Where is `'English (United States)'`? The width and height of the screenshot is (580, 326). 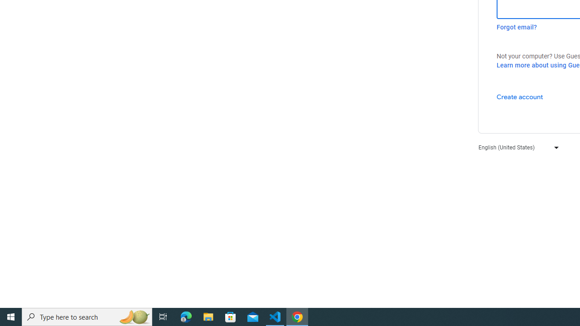
'English (United States)' is located at coordinates (516, 147).